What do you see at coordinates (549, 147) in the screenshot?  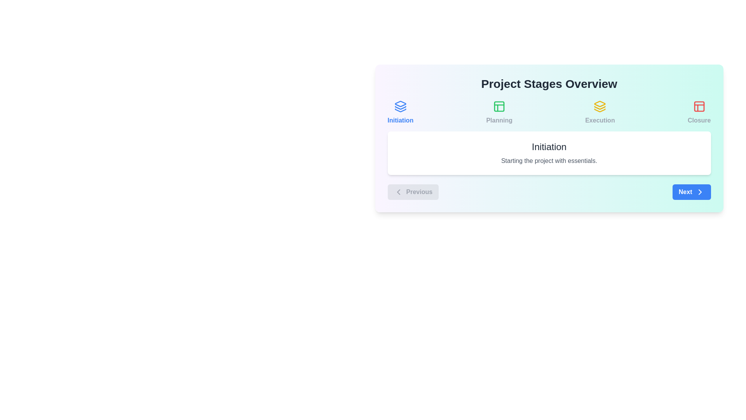 I see `text label that displays the word 'Initiation' in a large, bold font within a white box with rounded corners and a shadow effect` at bounding box center [549, 147].